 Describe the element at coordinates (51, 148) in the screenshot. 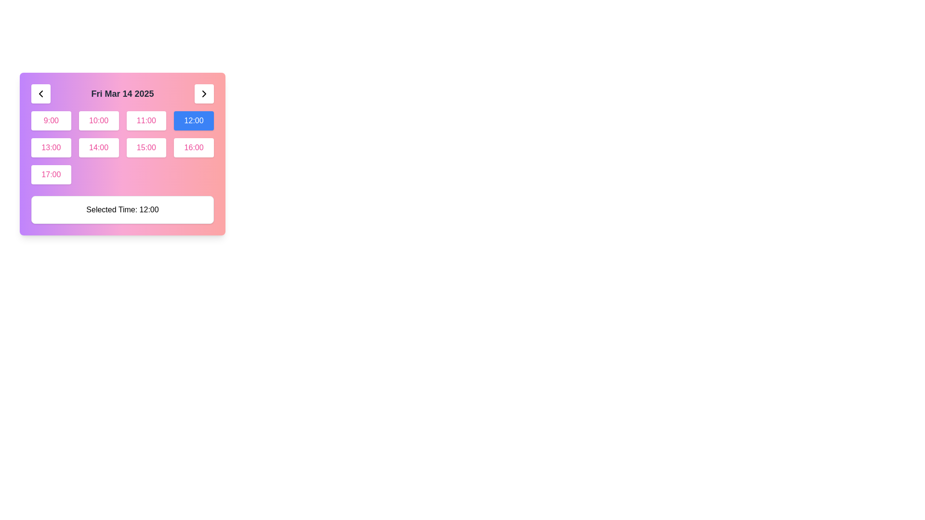

I see `the button that allows the user to select the time '13:00', located in the second row, leftmost position of a 4-column grid of time slots` at that location.